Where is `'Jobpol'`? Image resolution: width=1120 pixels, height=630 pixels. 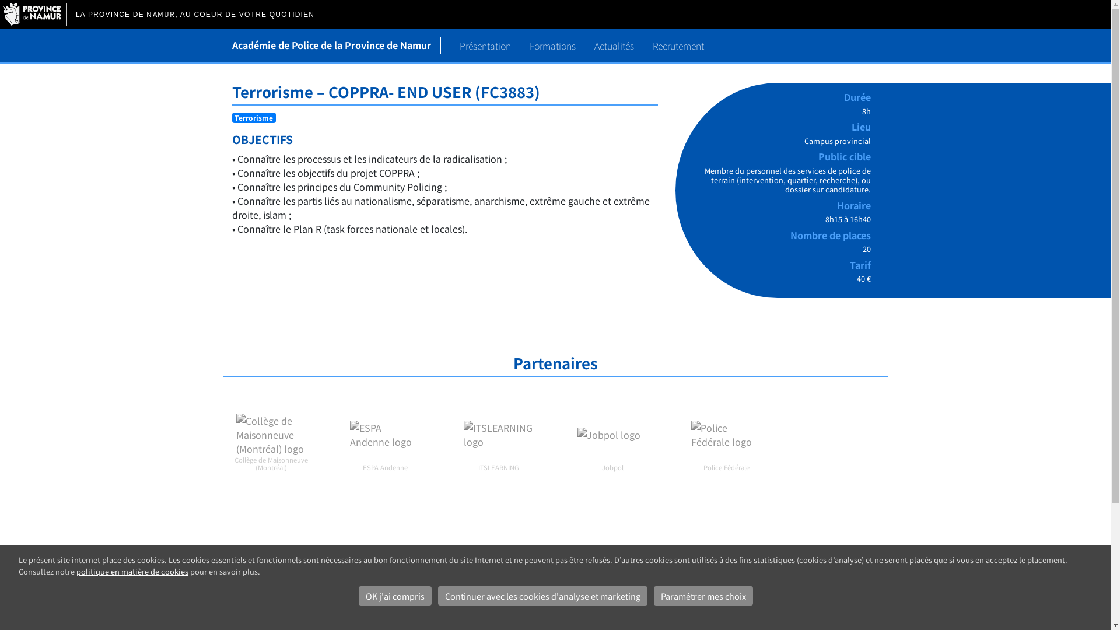 'Jobpol' is located at coordinates (612, 435).